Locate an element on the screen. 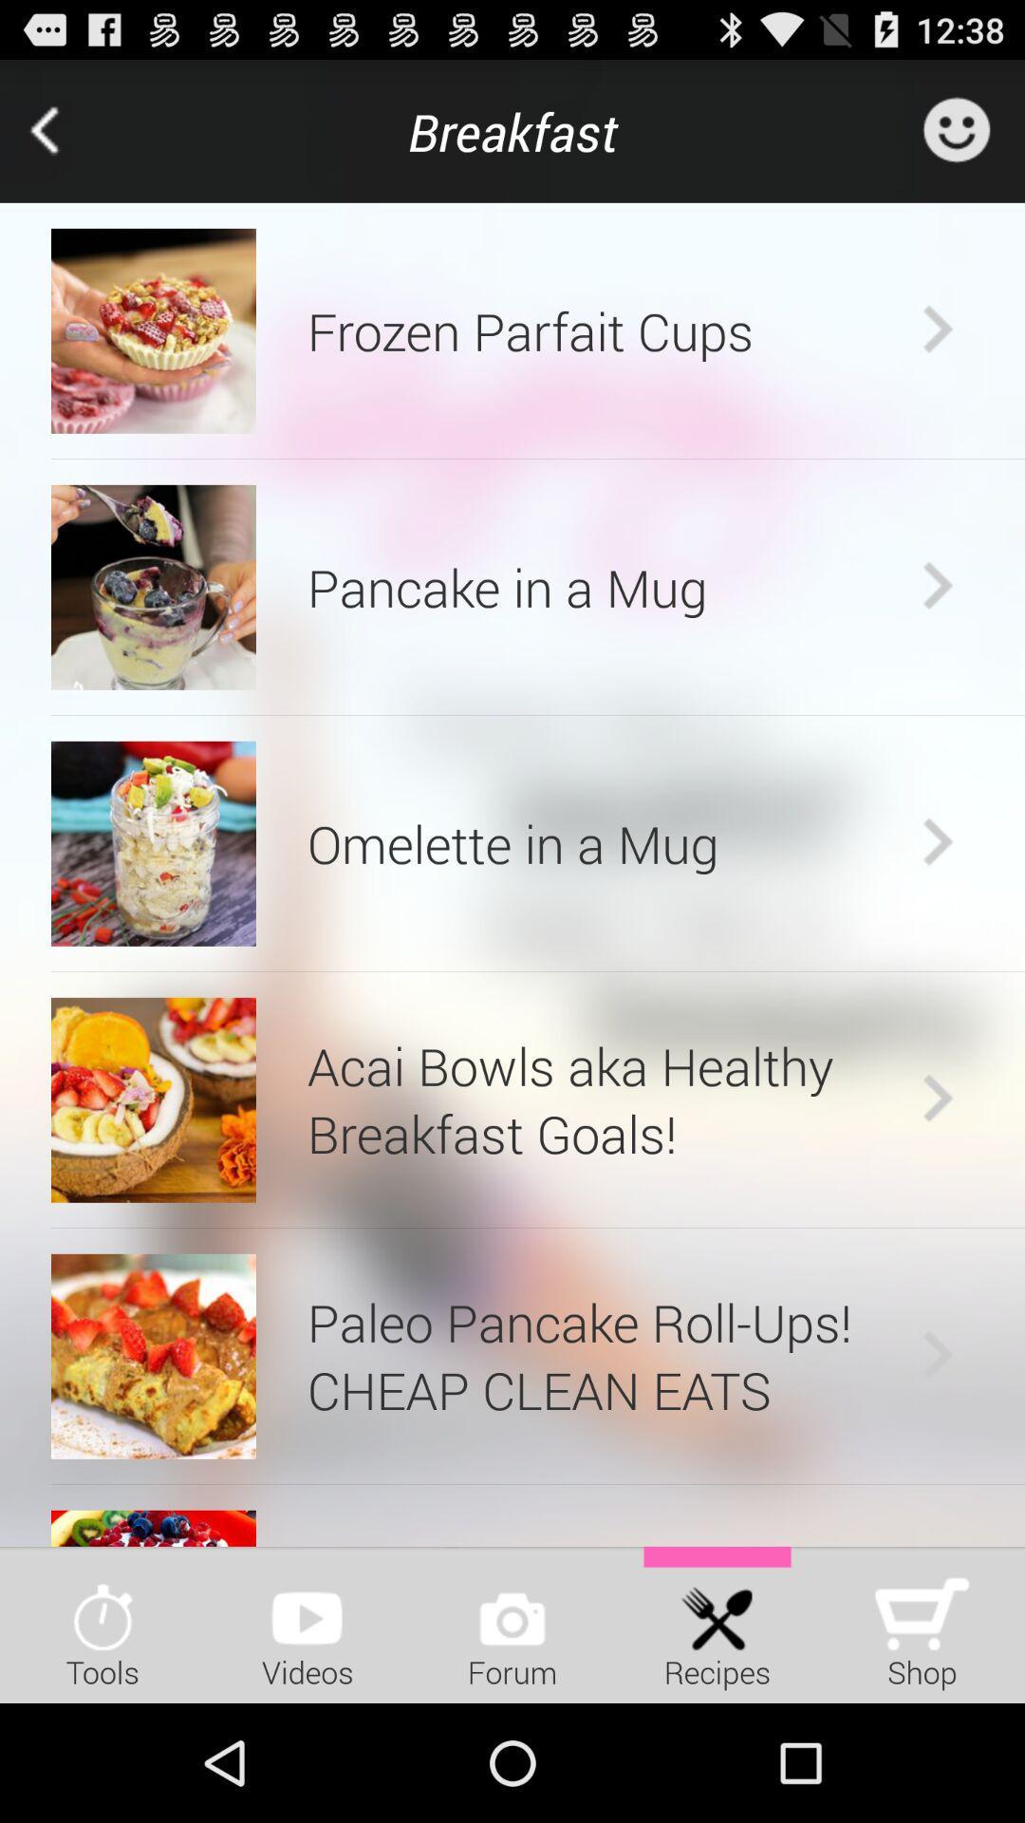  icon to the right of the paleo pancake roll item is located at coordinates (937, 1355).